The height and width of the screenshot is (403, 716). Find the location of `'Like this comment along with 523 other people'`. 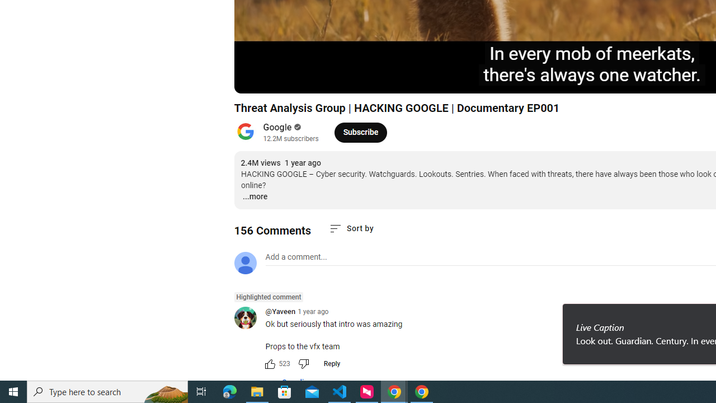

'Like this comment along with 523 other people' is located at coordinates (270, 364).